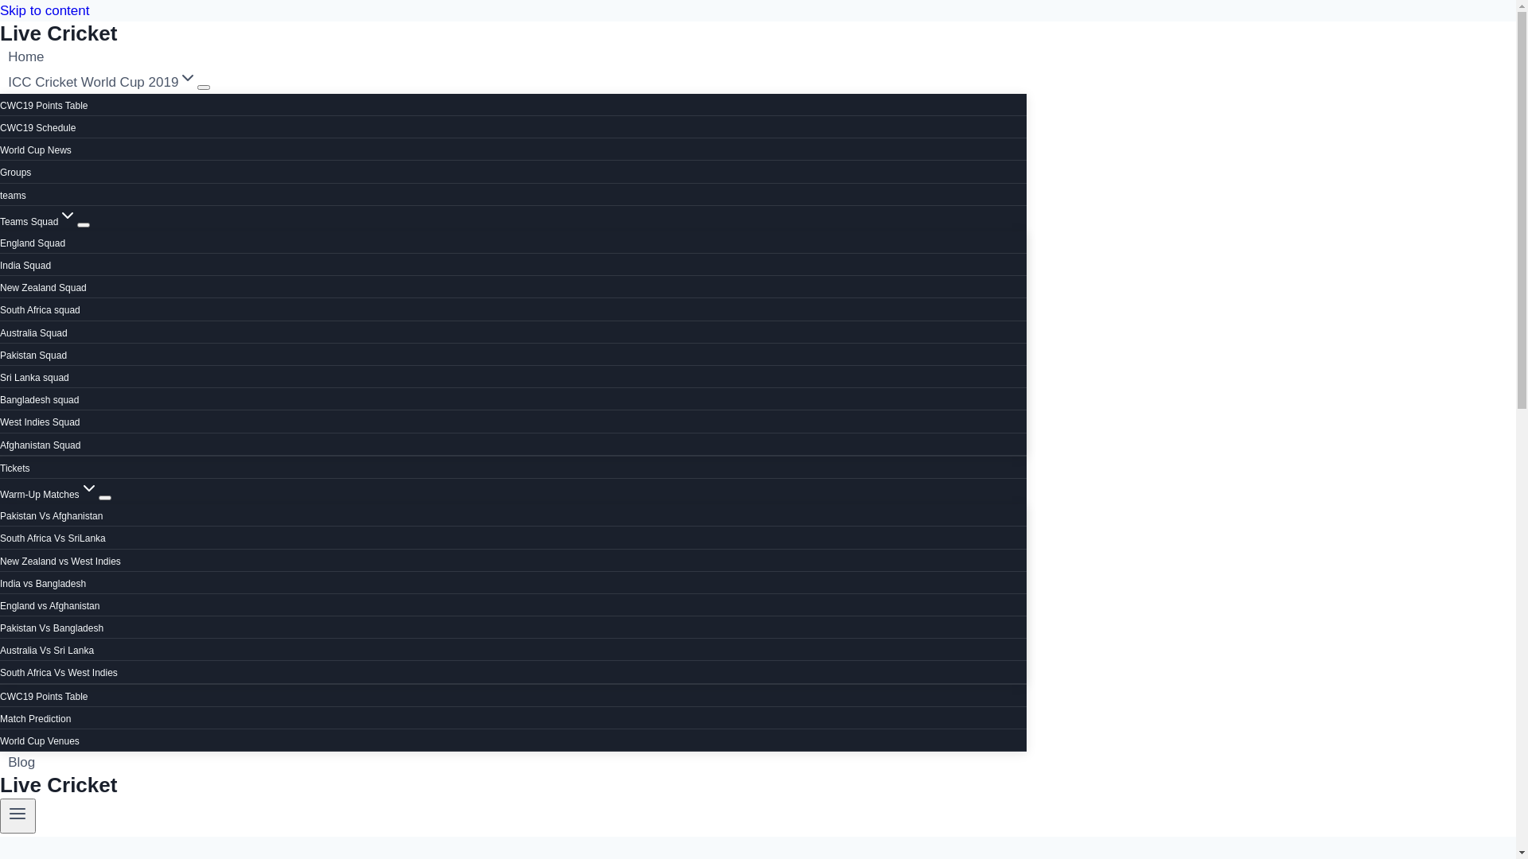  Describe the element at coordinates (15, 172) in the screenshot. I see `'Groups'` at that location.